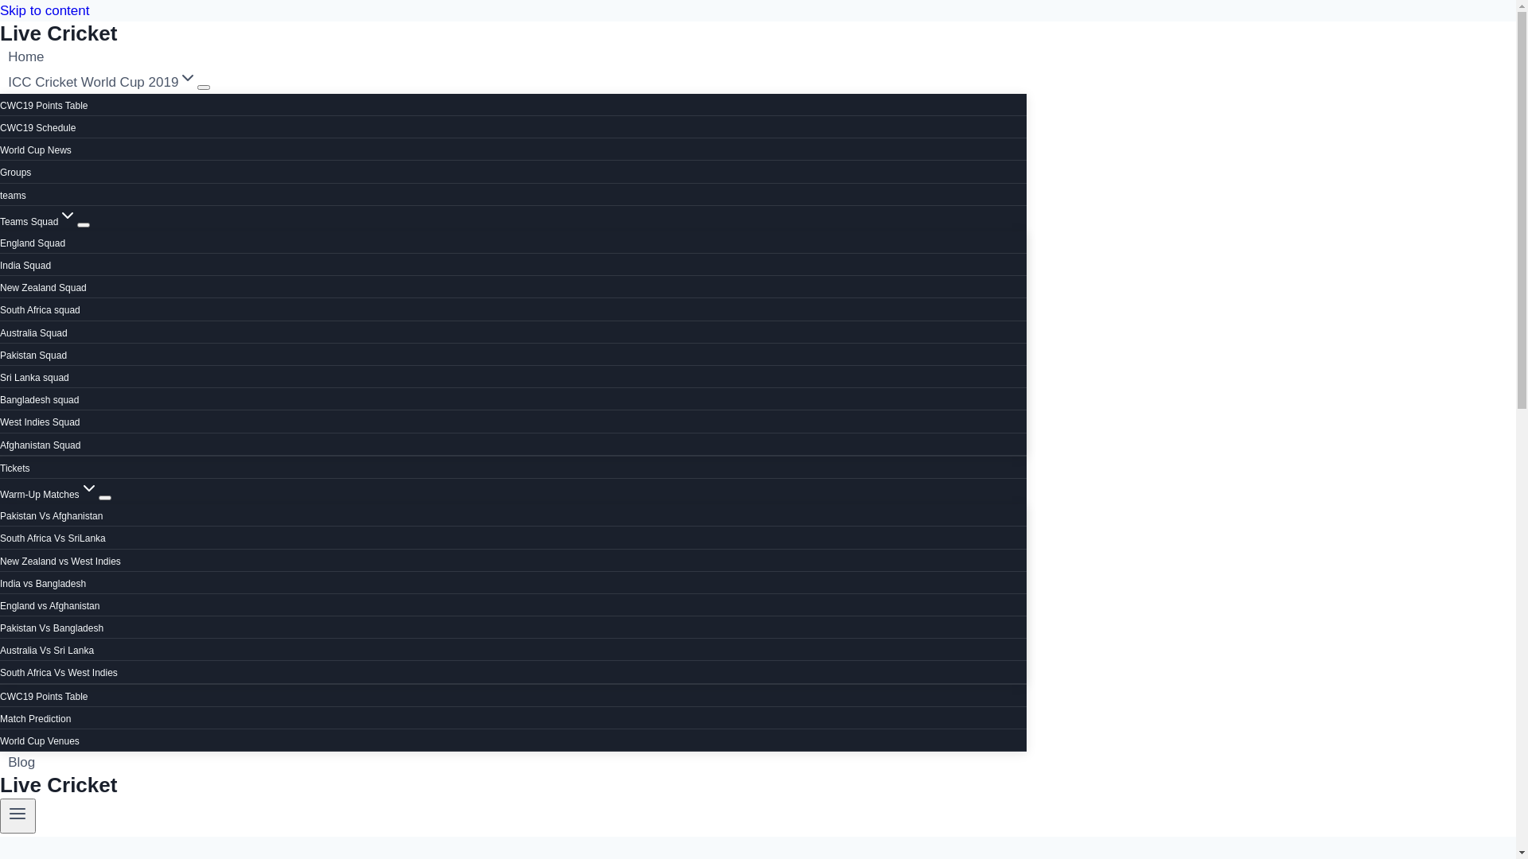  Describe the element at coordinates (15, 172) in the screenshot. I see `'Groups'` at that location.